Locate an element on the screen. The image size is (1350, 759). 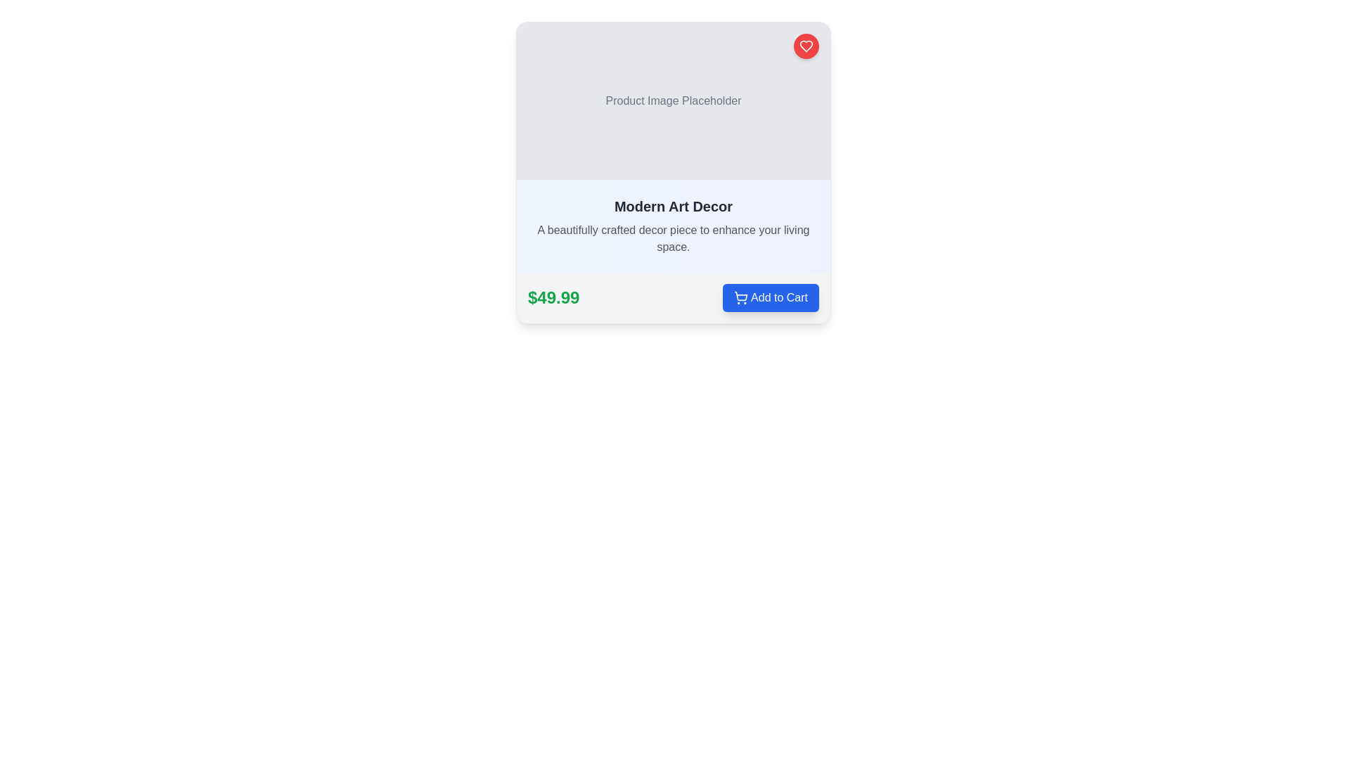
the 'Add to Cart' button located to the right of the price label '$49.99' is located at coordinates (769, 297).